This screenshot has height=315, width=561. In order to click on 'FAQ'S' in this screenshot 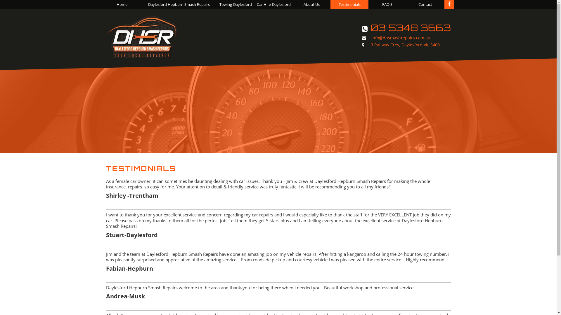, I will do `click(387, 4)`.